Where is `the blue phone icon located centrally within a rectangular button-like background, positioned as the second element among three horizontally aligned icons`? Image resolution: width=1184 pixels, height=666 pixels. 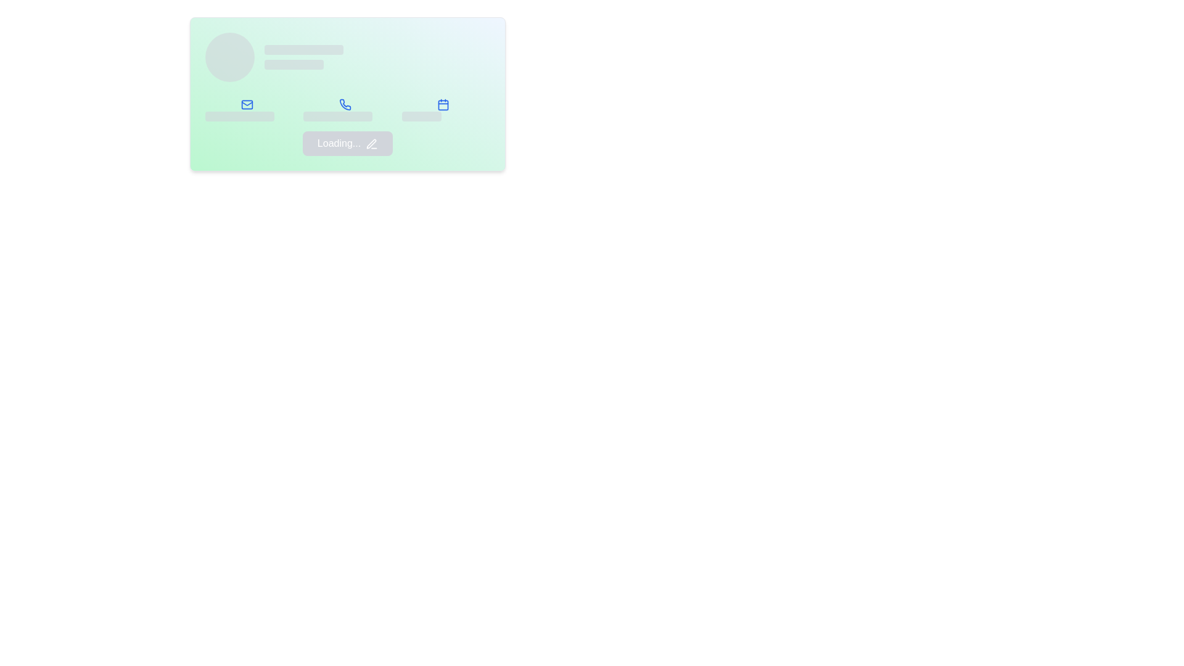
the blue phone icon located centrally within a rectangular button-like background, positioned as the second element among three horizontally aligned icons is located at coordinates (347, 109).